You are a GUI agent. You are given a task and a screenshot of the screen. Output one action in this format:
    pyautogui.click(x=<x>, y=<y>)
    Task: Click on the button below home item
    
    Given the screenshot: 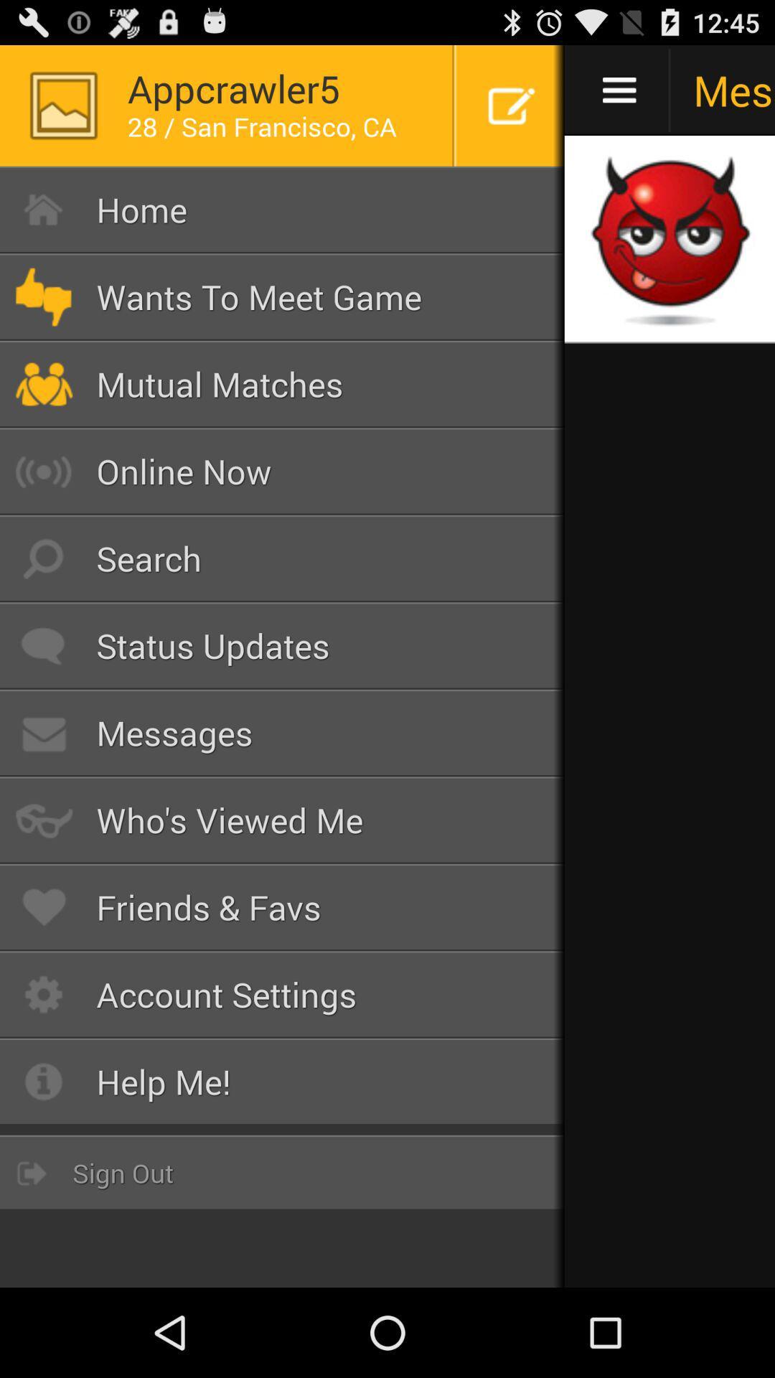 What is the action you would take?
    pyautogui.click(x=282, y=296)
    